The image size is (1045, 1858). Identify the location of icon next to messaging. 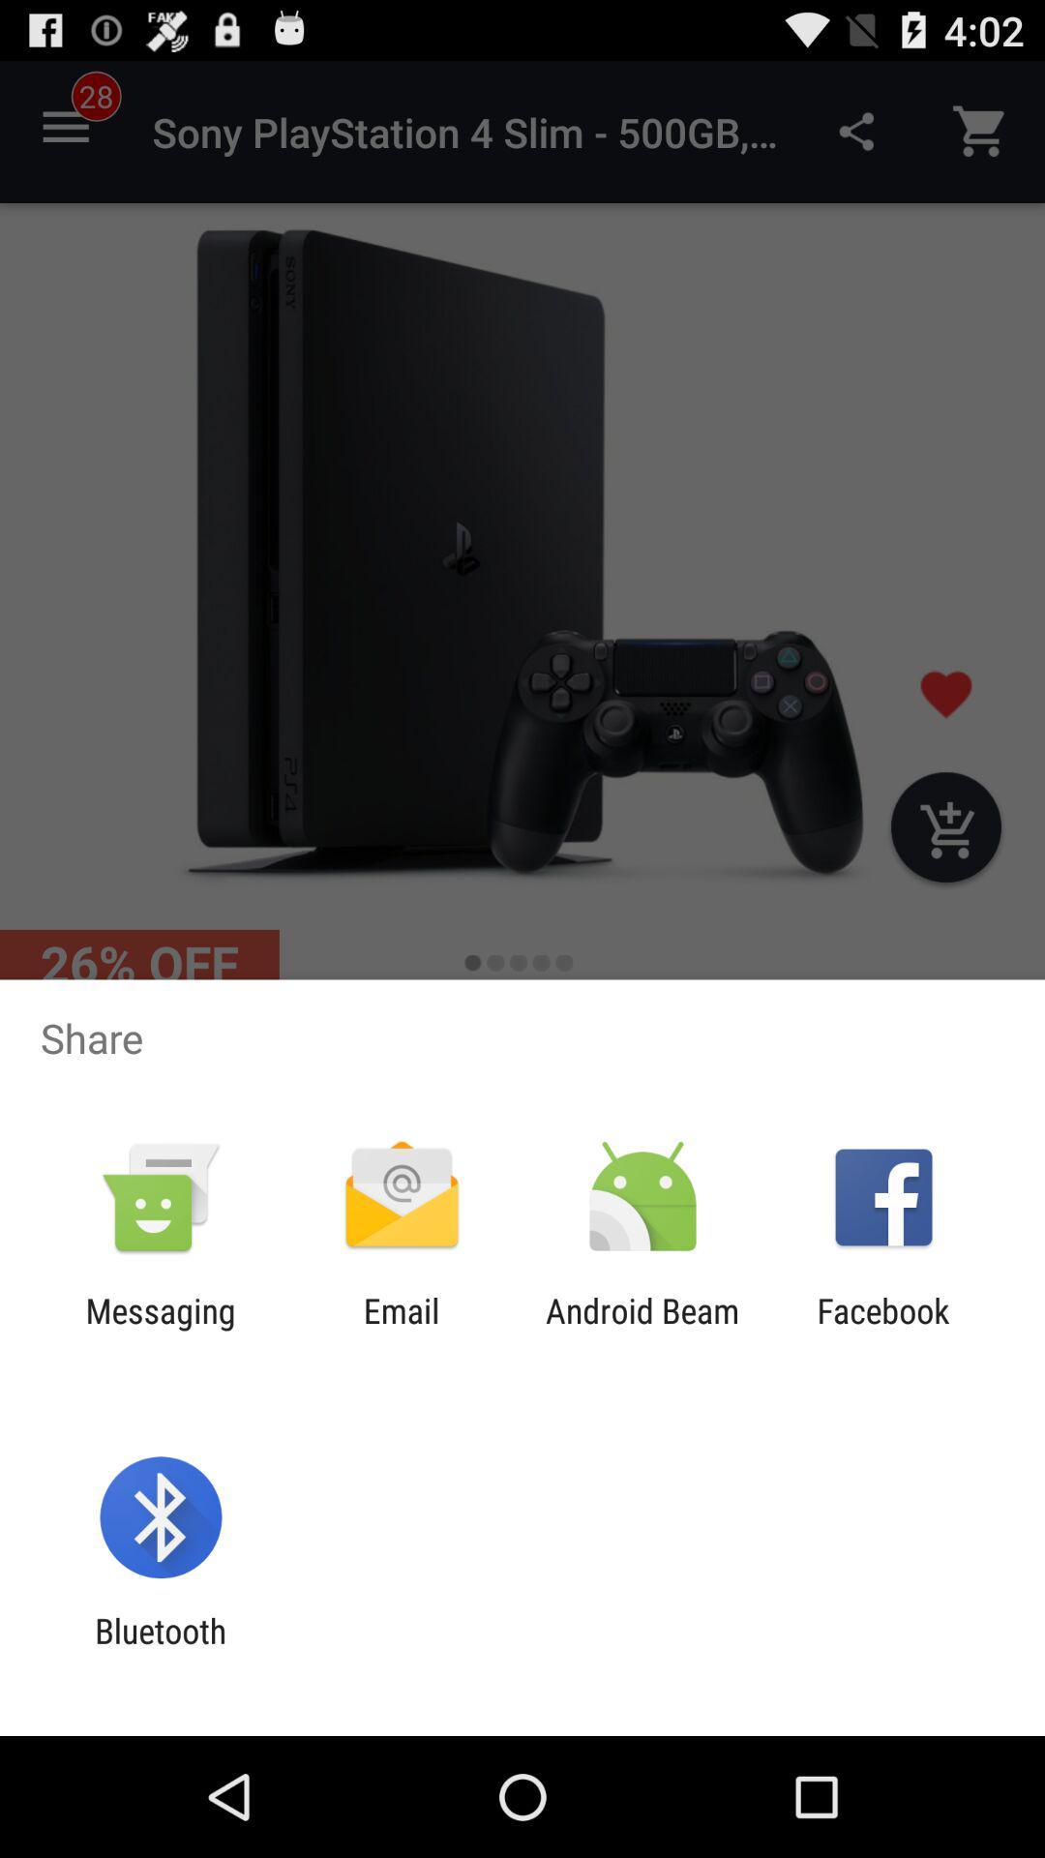
(401, 1330).